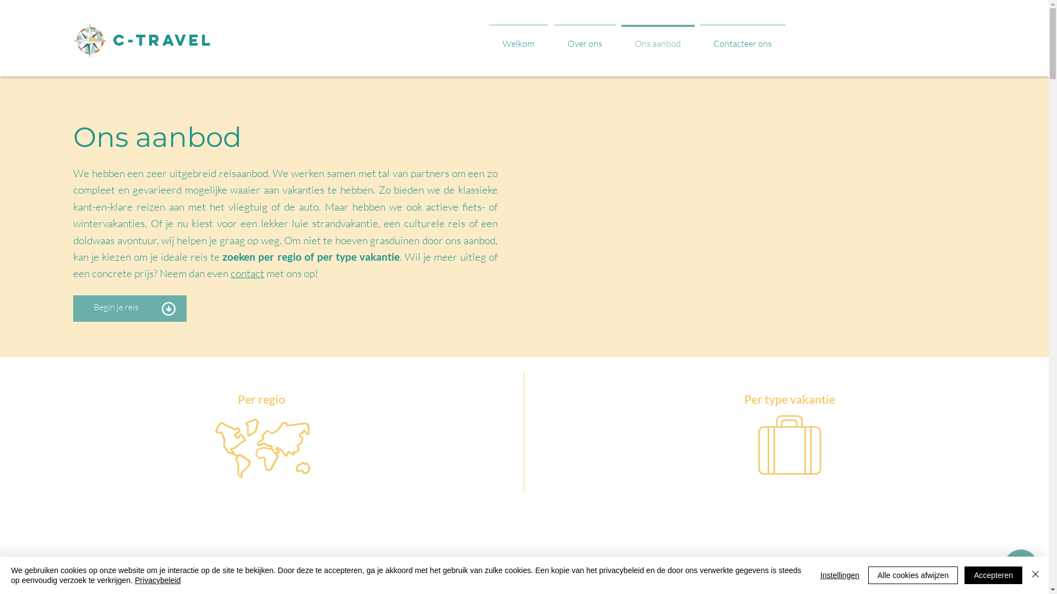 The height and width of the screenshot is (594, 1057). I want to click on 'Begin je reis', so click(116, 307).